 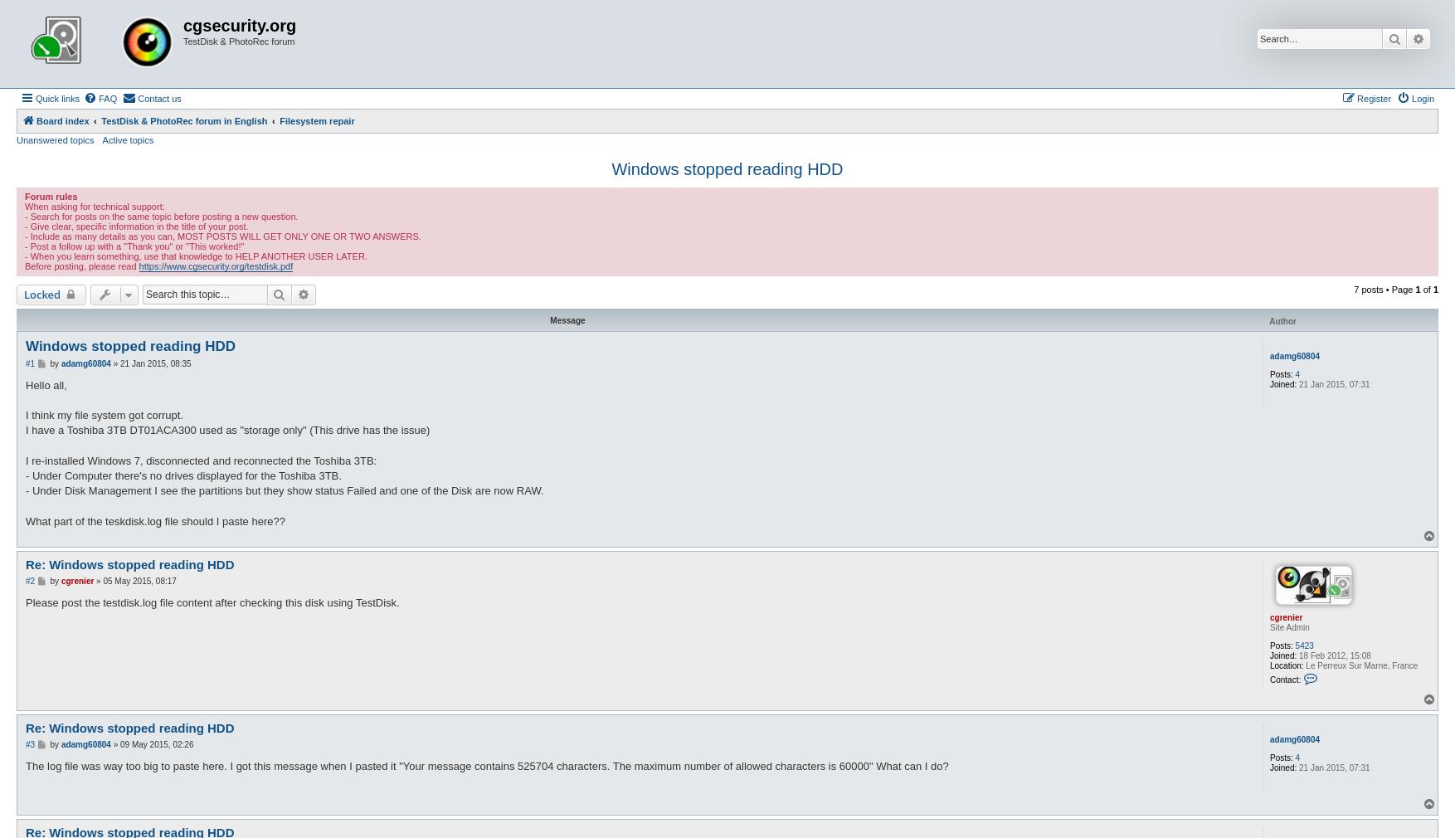 What do you see at coordinates (62, 120) in the screenshot?
I see `'Board index'` at bounding box center [62, 120].